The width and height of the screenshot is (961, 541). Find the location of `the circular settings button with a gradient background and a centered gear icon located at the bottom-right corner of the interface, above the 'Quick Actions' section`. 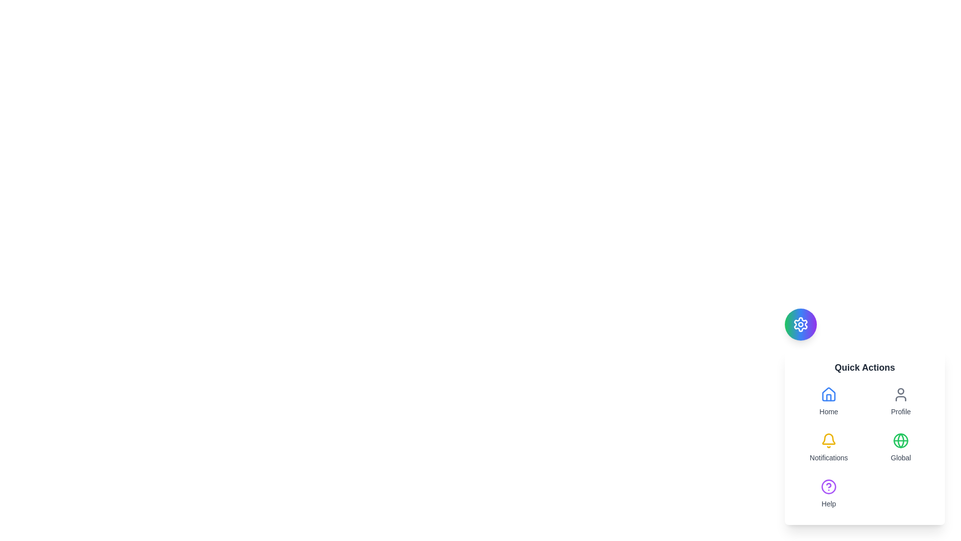

the circular settings button with a gradient background and a centered gear icon located at the bottom-right corner of the interface, above the 'Quick Actions' section is located at coordinates (800, 325).